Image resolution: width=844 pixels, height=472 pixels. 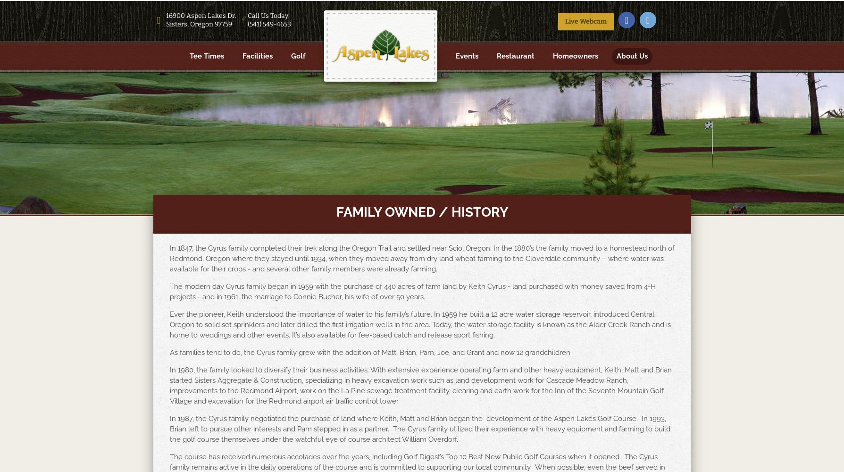 What do you see at coordinates (412, 291) in the screenshot?
I see `'The modern day Cyrus family began in 1959 with the purchase of 440 acres of farm land by Keith Cyrus - land purchased with money saved from 4-H projects - and in 1961, the marriage to Connie Bucher, his wife of over 50 years.'` at bounding box center [412, 291].